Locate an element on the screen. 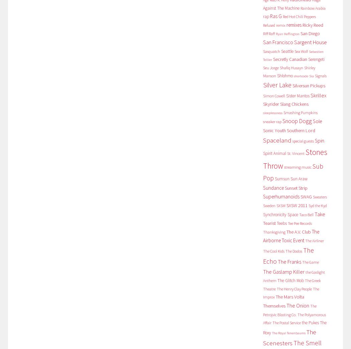 The height and width of the screenshot is (349, 351). 'Spaceland' is located at coordinates (277, 140).